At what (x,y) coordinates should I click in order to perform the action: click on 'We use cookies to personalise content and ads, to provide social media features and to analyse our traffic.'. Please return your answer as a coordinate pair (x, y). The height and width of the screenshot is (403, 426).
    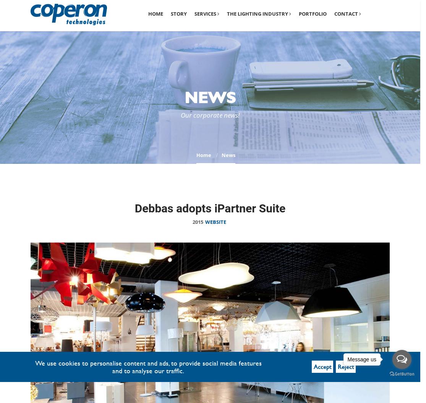
    Looking at the image, I should click on (147, 366).